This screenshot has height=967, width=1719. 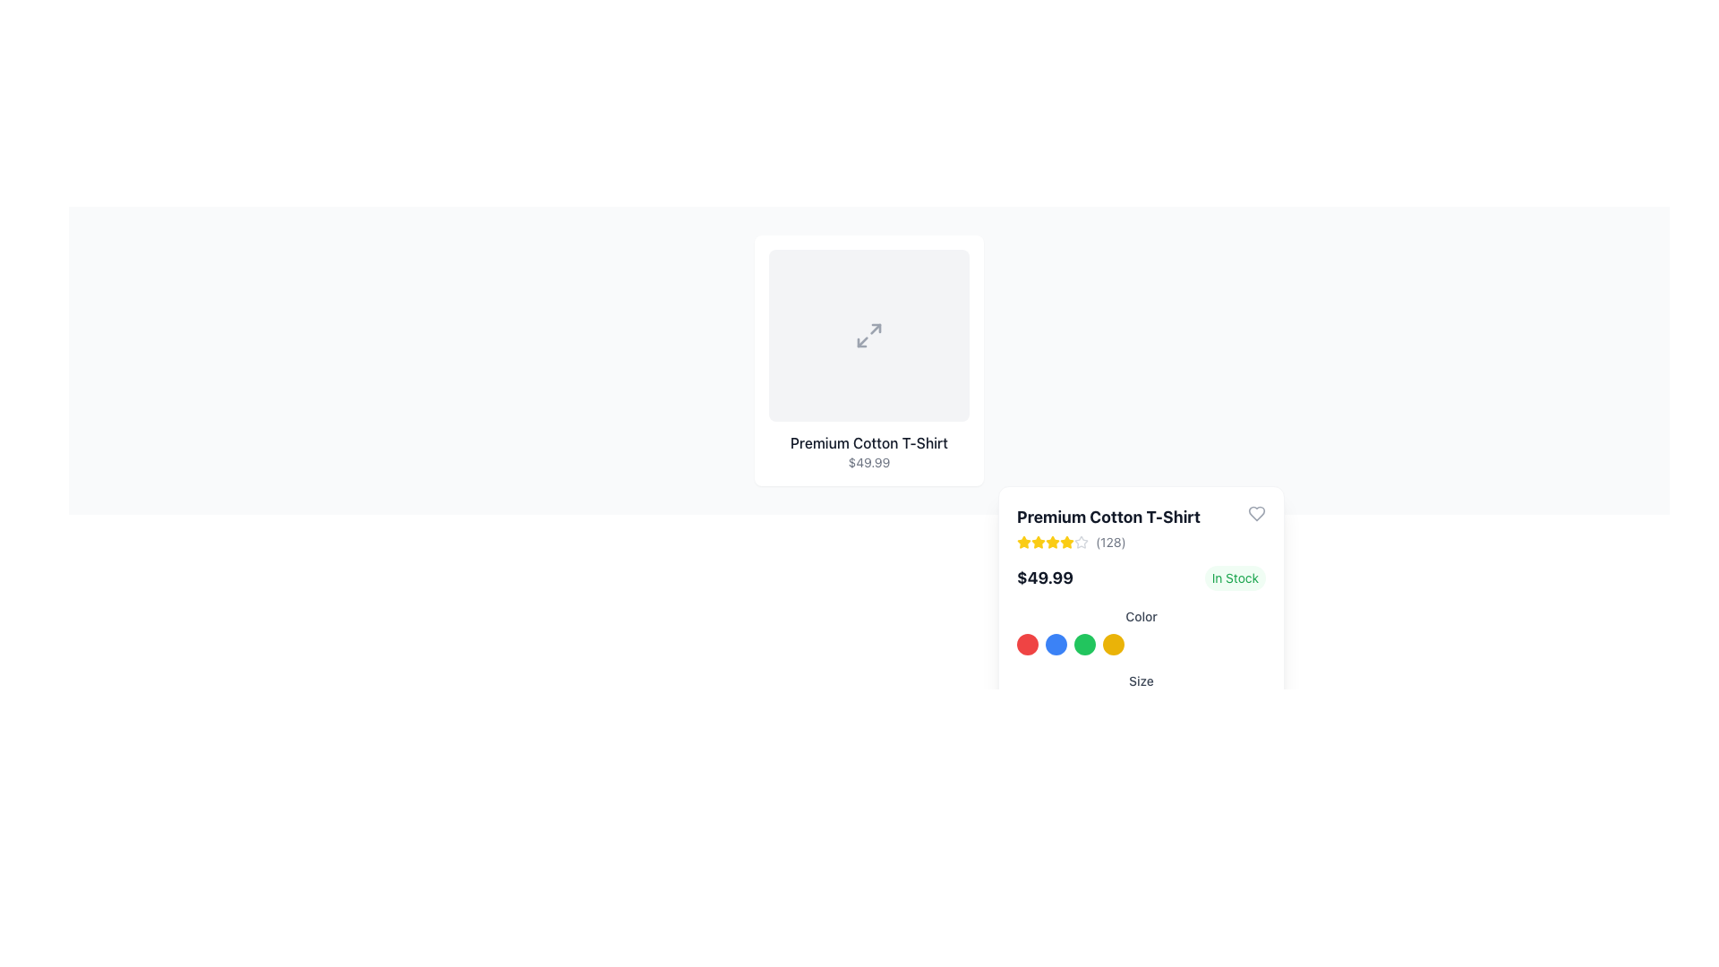 I want to click on the third star icon in the rating system located at the top-middle section of the product details card, above the product name, so click(x=1039, y=541).